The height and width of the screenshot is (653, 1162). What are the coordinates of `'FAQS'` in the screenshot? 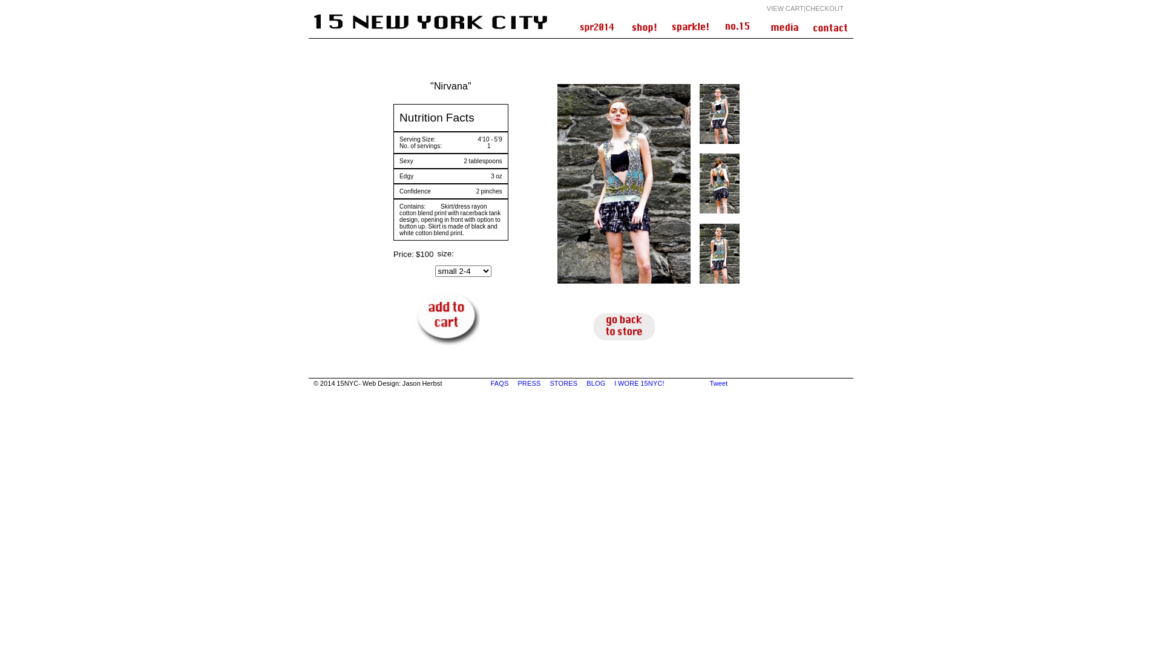 It's located at (499, 383).